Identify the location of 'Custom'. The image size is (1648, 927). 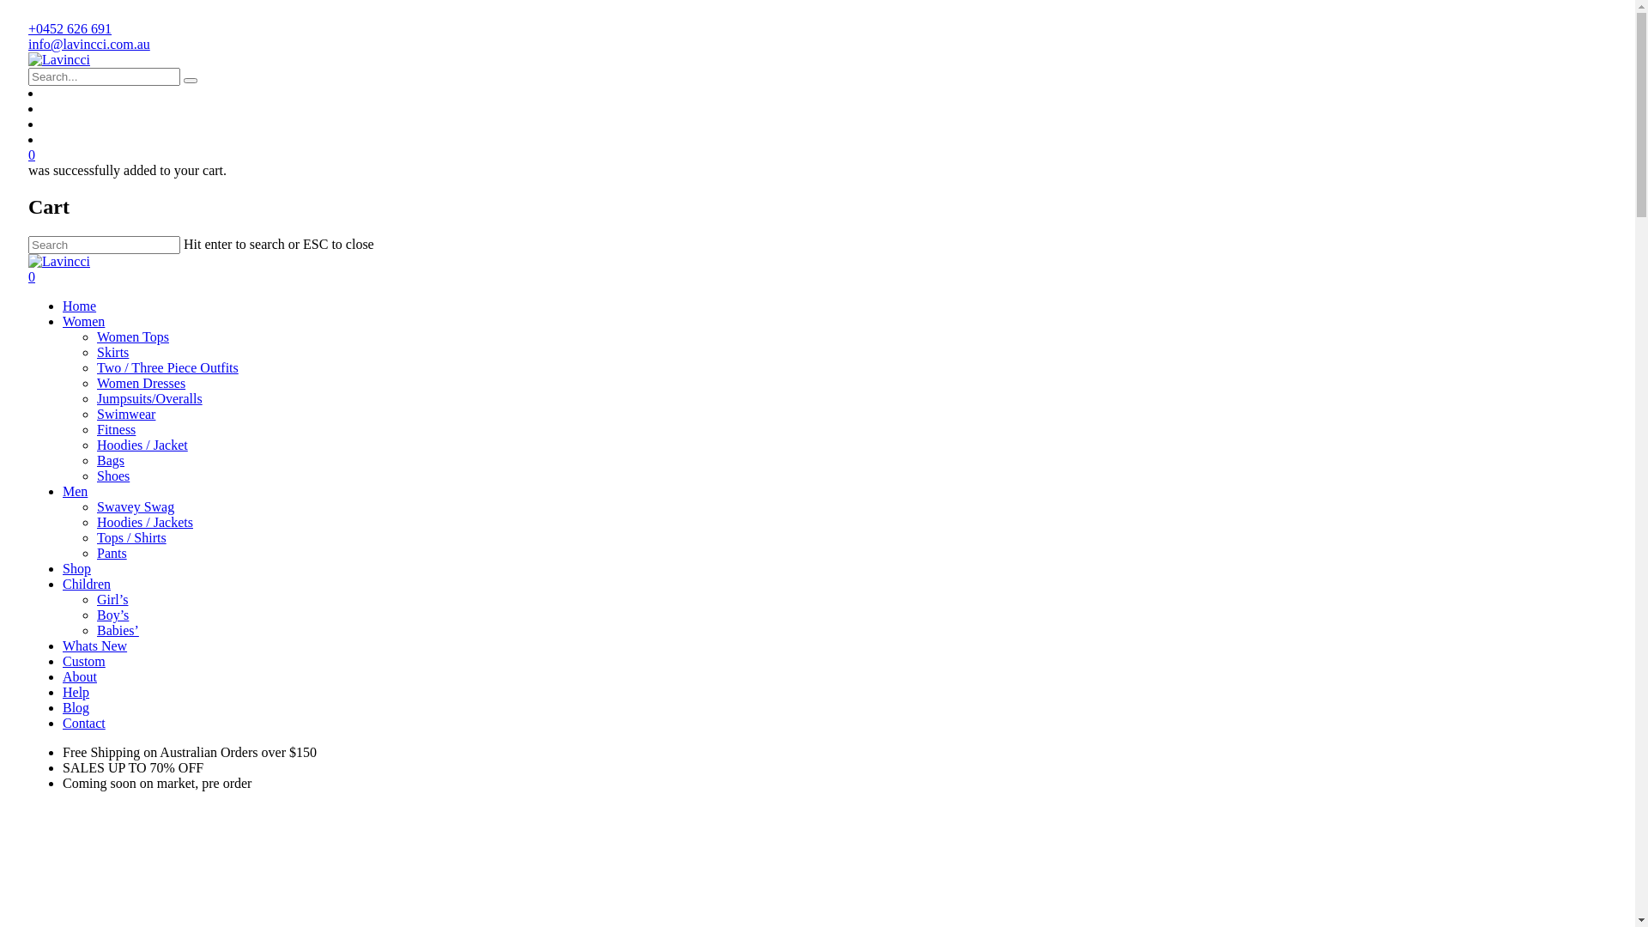
(62, 660).